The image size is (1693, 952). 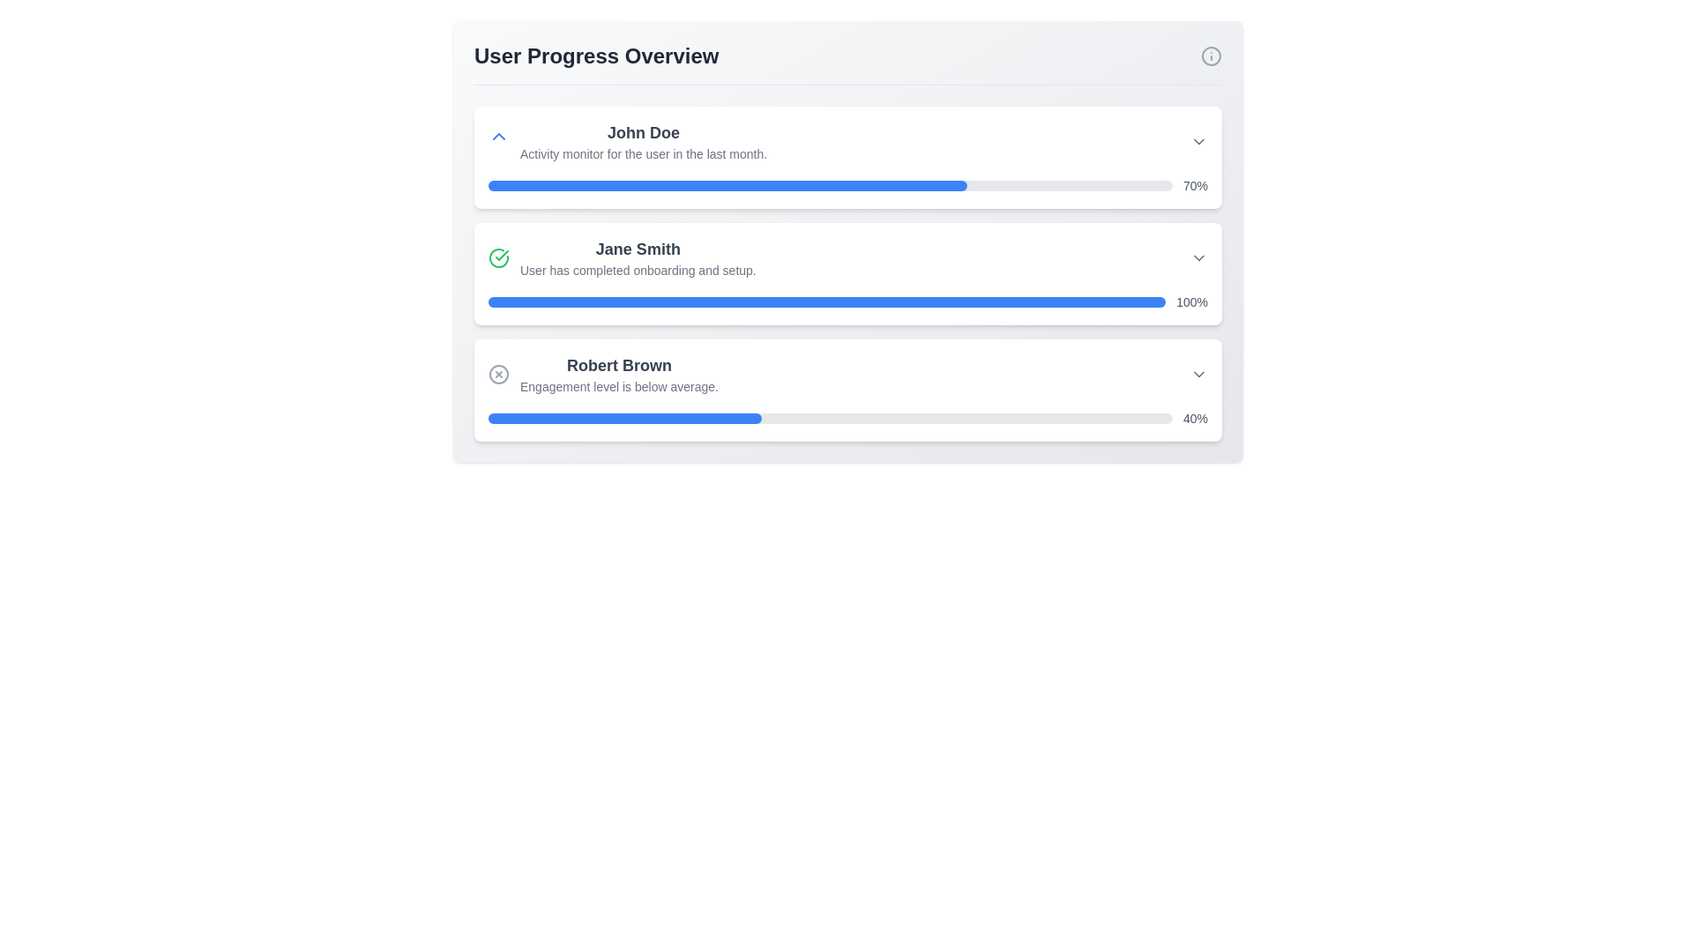 What do you see at coordinates (847, 390) in the screenshot?
I see `the engagement data displayed on the user's engagement status card, which is the third card in the vertical stack under 'User Progress Overview'` at bounding box center [847, 390].